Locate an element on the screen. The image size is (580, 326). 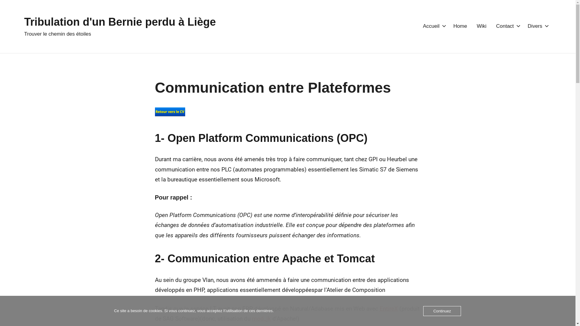
'retour_vers_cv' is located at coordinates (169, 112).